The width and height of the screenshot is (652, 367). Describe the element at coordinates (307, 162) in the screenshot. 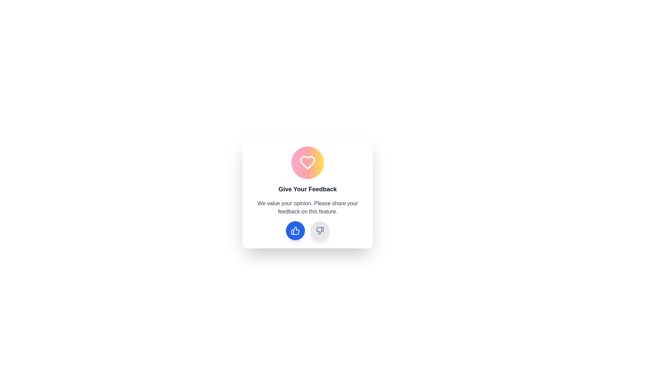

I see `the heart-shaped Decorative Icon at the top center of the 'Give Your Feedback' modal interface, which is styled with a gradient fill transitioning from pink to orange` at that location.